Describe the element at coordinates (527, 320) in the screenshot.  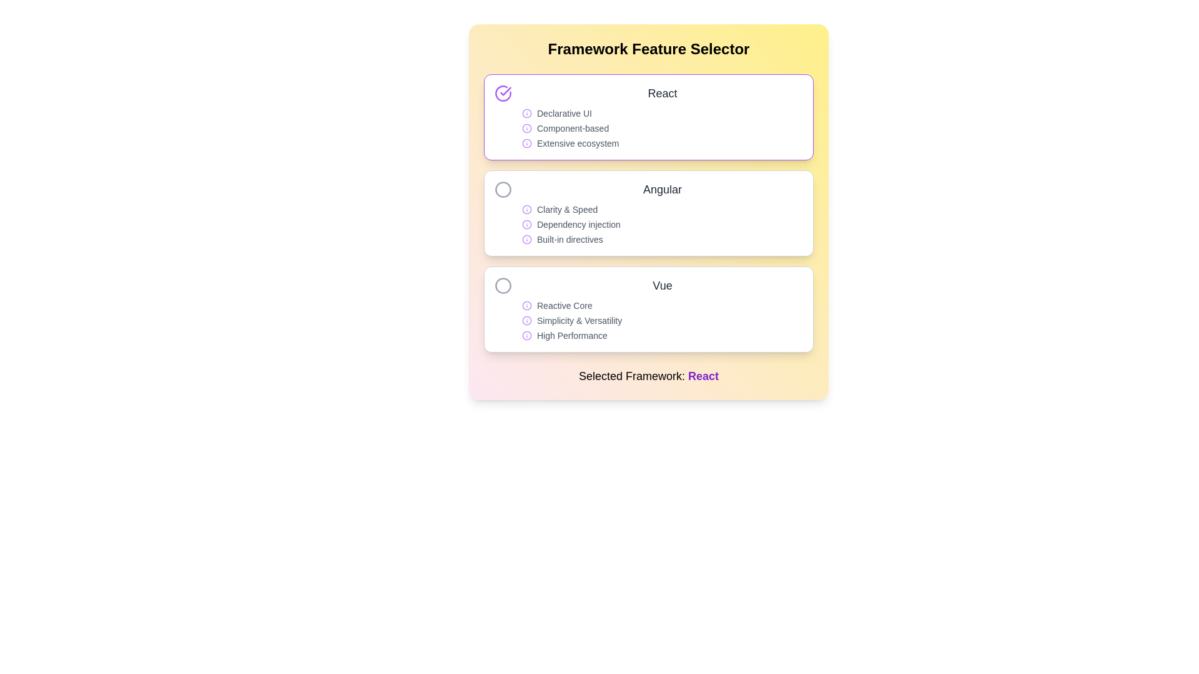
I see `the circular graphical decorative element located inside the icon area next to text descriptions in the interface` at that location.